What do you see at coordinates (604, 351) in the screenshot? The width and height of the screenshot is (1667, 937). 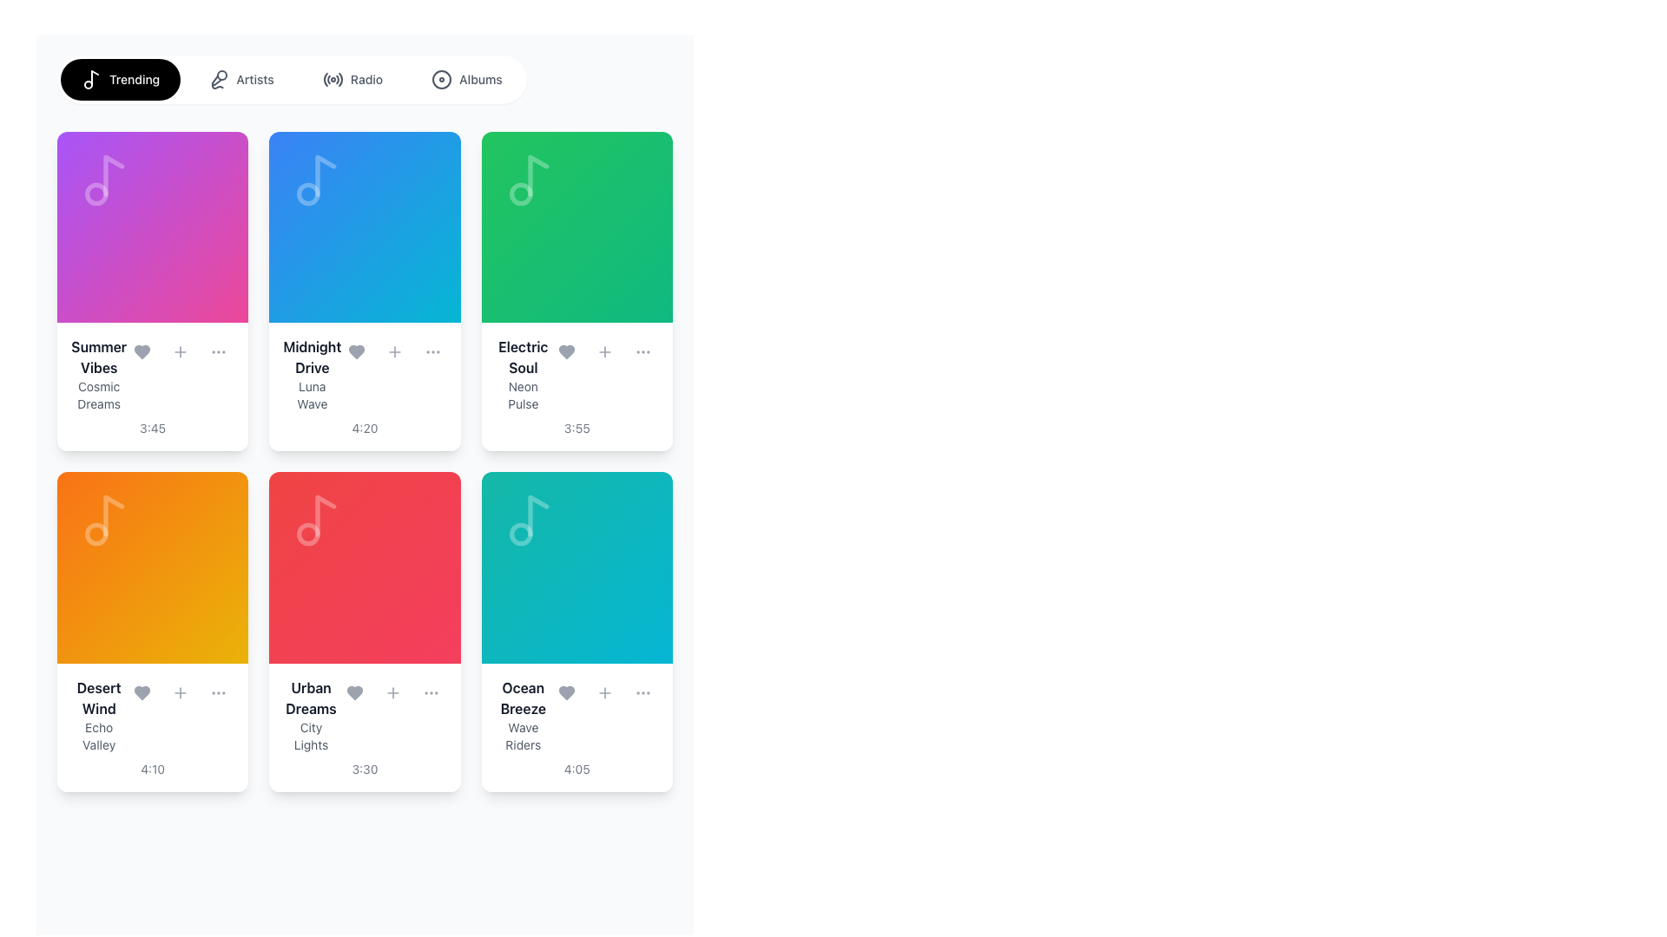 I see `the circular '+' button located between the heart icon button on the left and the ellipsis icon button on the right to observe the background color change to light gray` at bounding box center [604, 351].